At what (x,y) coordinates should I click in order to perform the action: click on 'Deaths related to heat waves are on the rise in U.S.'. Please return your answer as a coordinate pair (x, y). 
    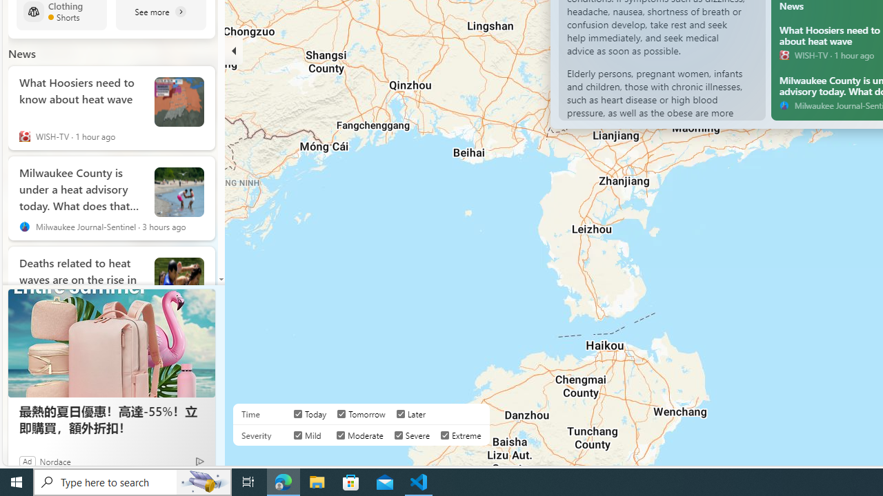
    Looking at the image, I should click on (80, 276).